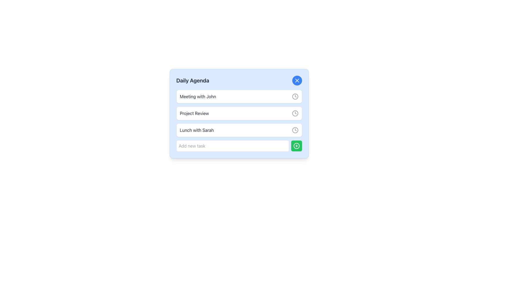 The width and height of the screenshot is (522, 293). Describe the element at coordinates (295, 130) in the screenshot. I see `the minimalist gray clock icon located on the right side of the task item labeled 'Lunch with Sarah' to set a reminder or open a time selection dialog` at that location.